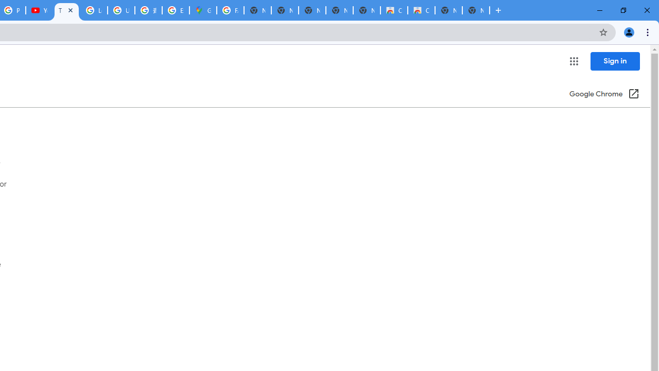 Image resolution: width=659 pixels, height=371 pixels. I want to click on 'Google Chrome (Open in a new window)', so click(604, 94).